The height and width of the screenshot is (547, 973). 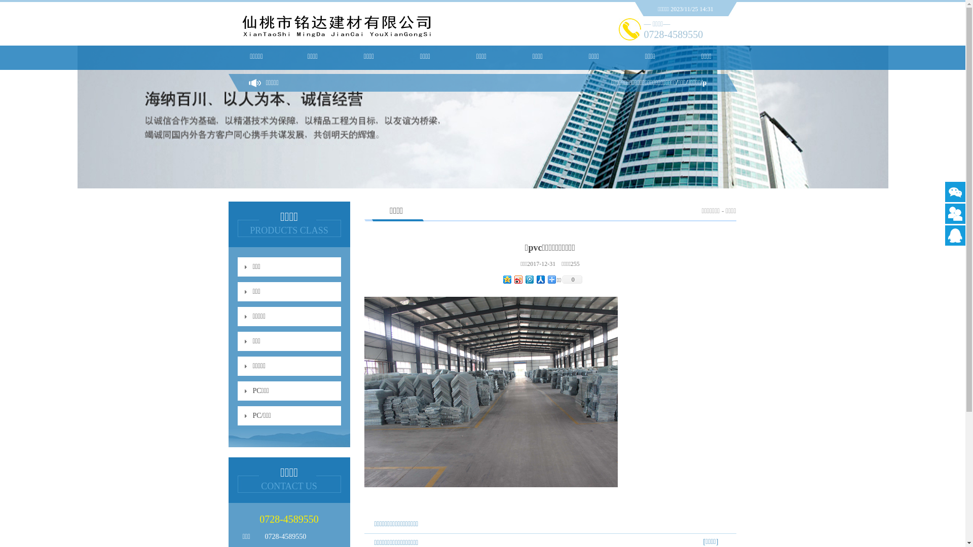 I want to click on '0', so click(x=572, y=279).